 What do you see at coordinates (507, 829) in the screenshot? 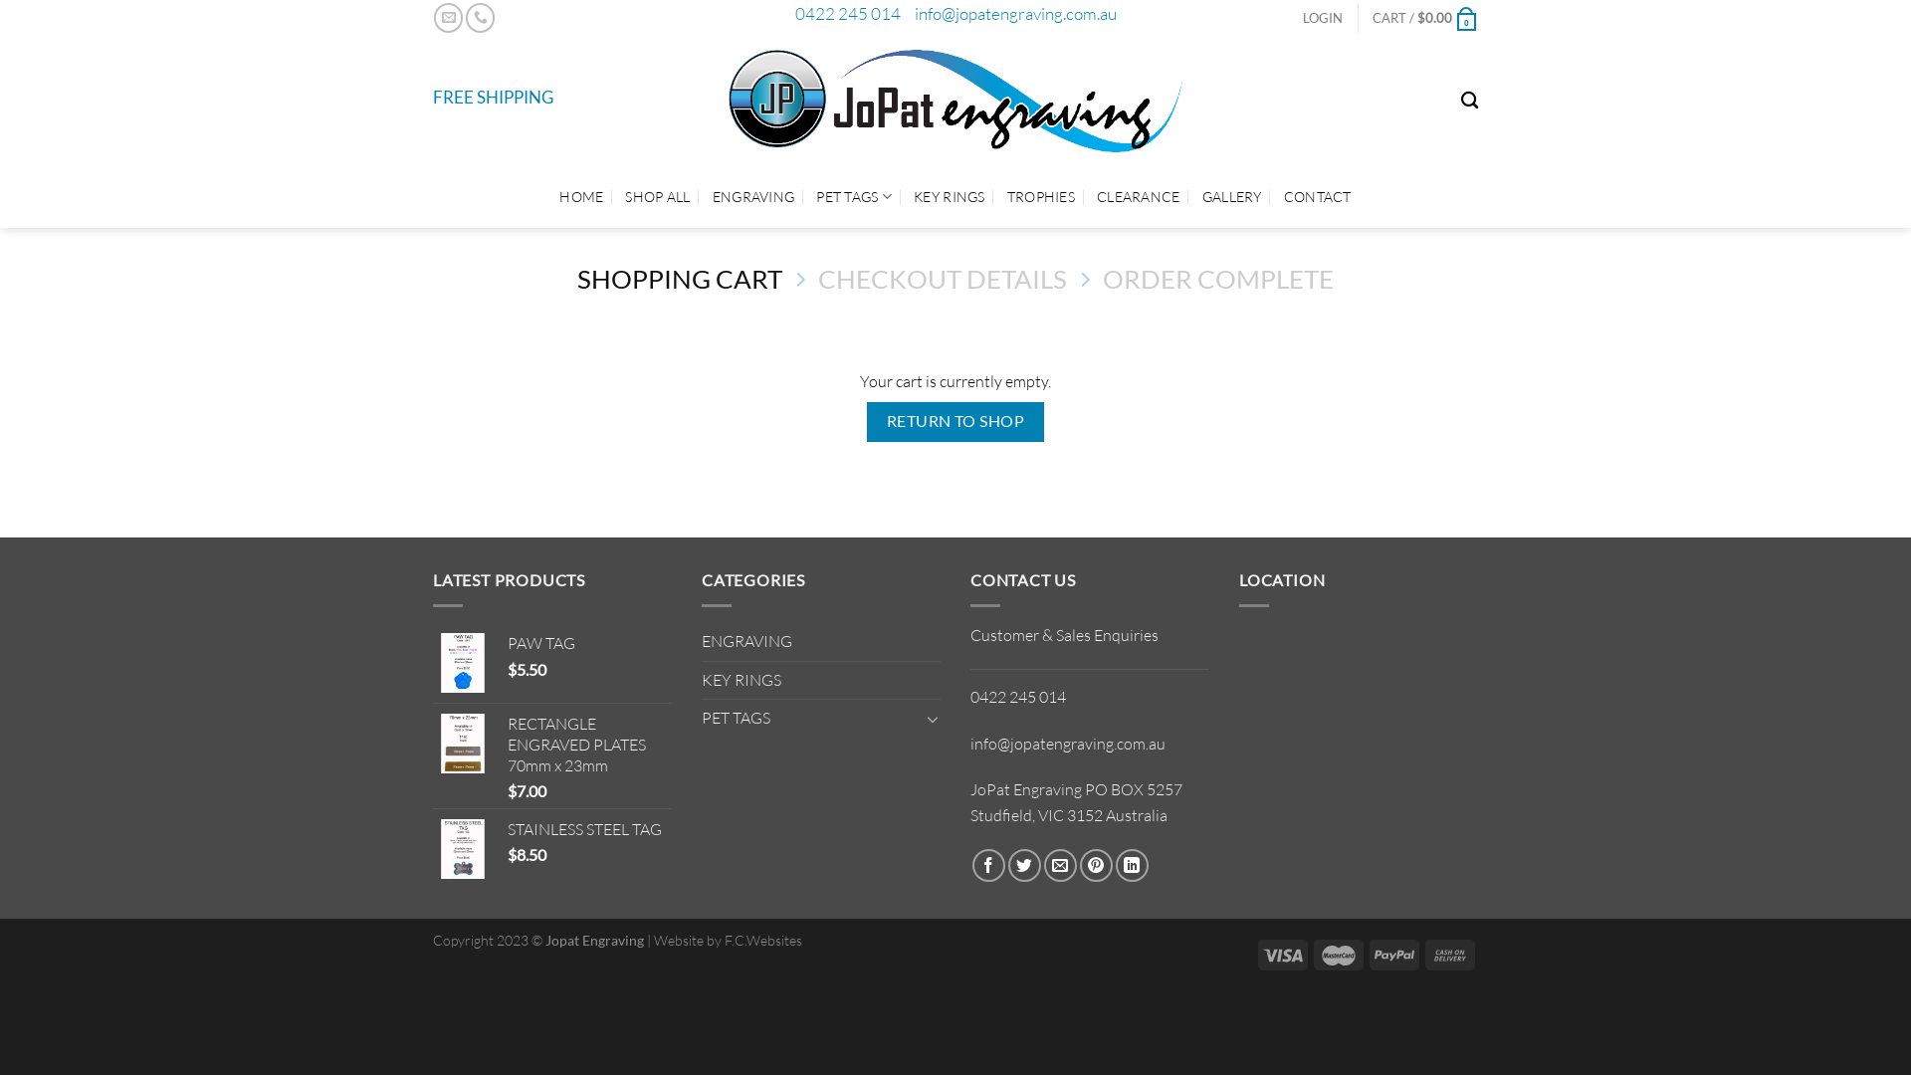
I see `'STAINLESS STEEL TAG'` at bounding box center [507, 829].